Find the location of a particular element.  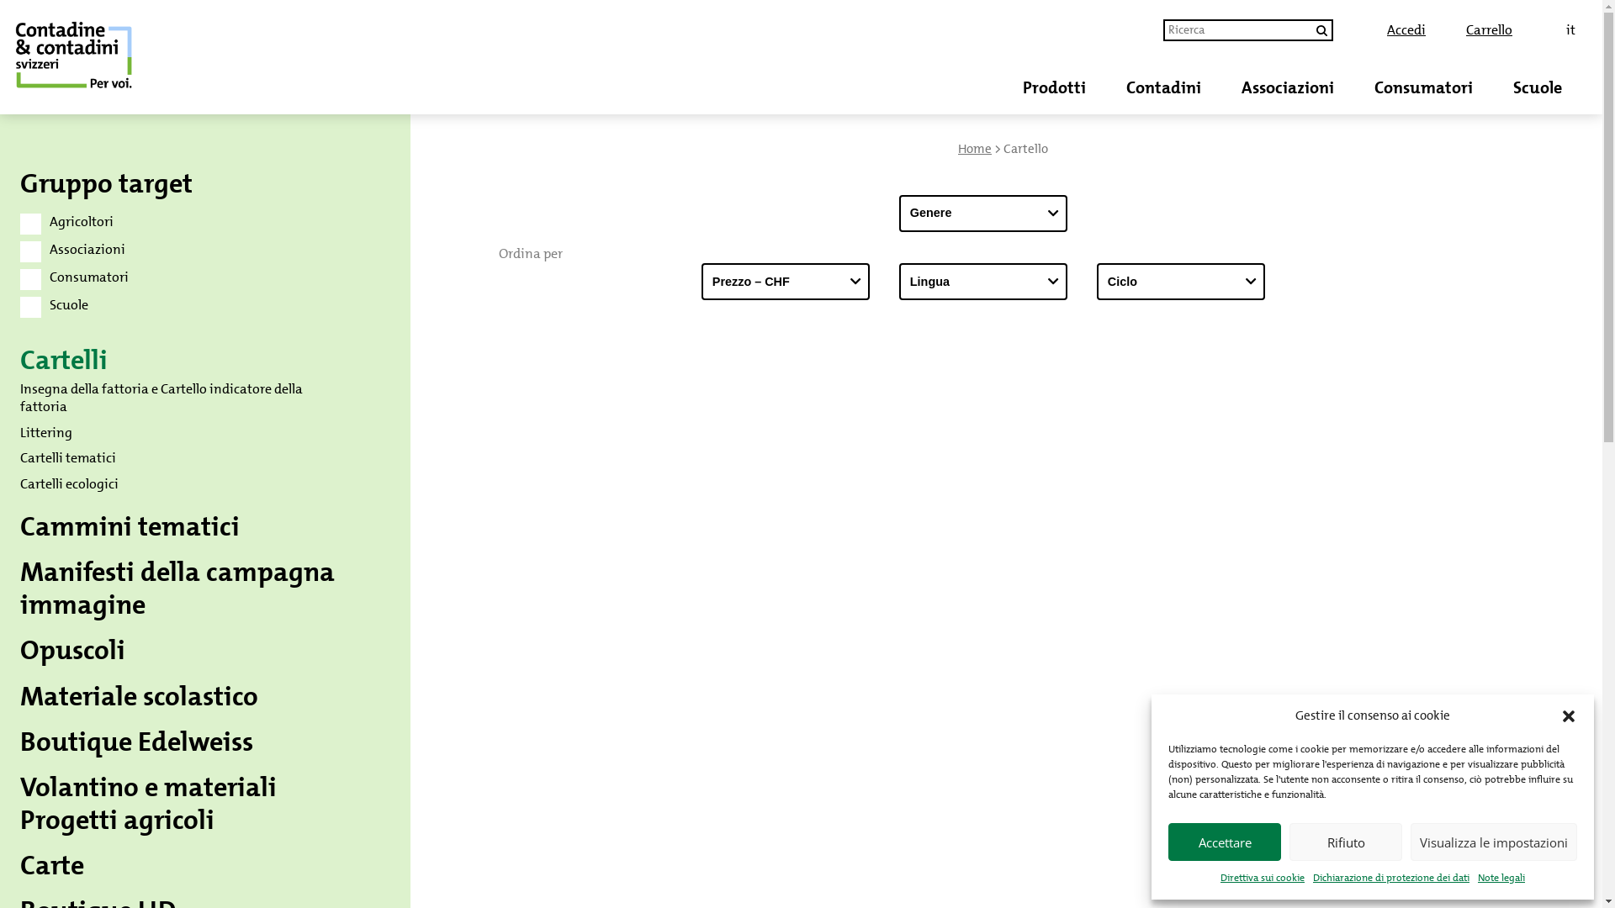

'Note legali' is located at coordinates (1501, 877).